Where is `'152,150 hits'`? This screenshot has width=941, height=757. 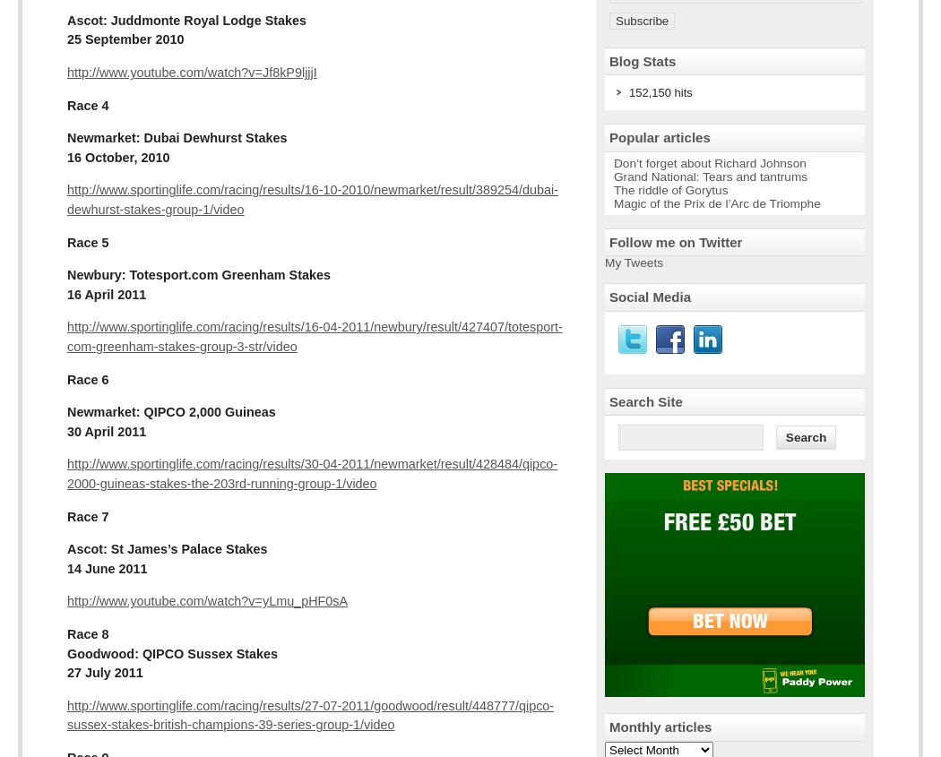 '152,150 hits' is located at coordinates (629, 92).